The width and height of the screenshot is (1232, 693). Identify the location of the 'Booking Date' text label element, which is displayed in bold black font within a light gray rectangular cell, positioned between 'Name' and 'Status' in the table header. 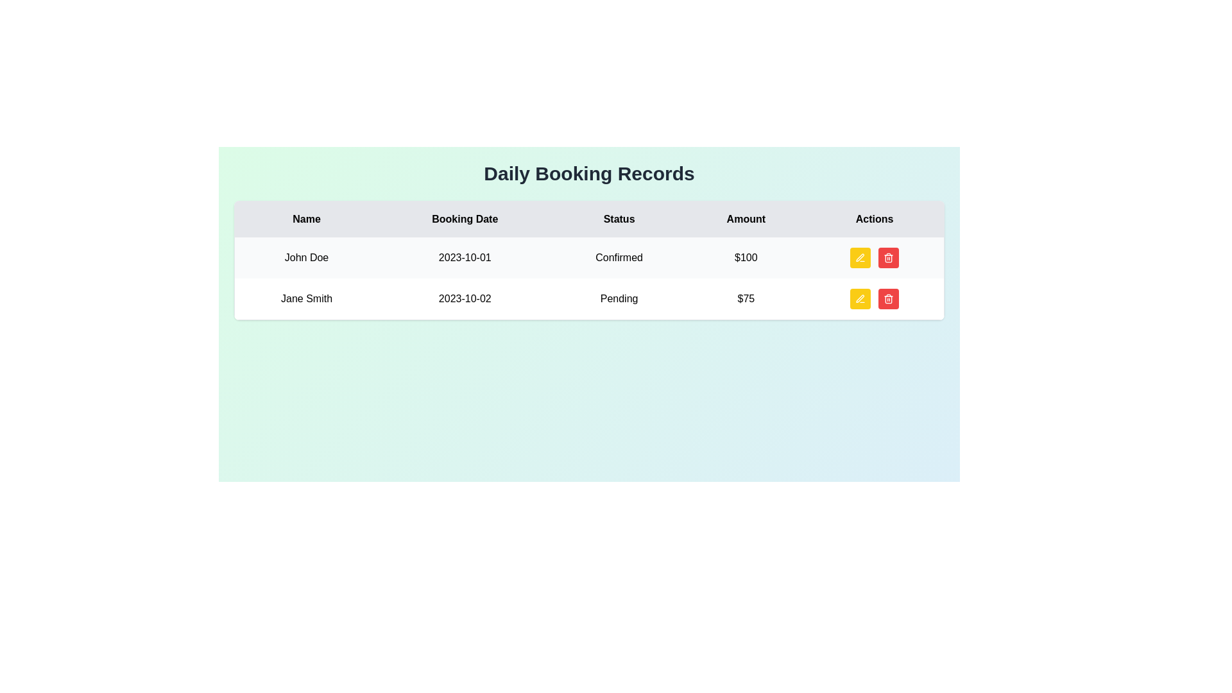
(464, 218).